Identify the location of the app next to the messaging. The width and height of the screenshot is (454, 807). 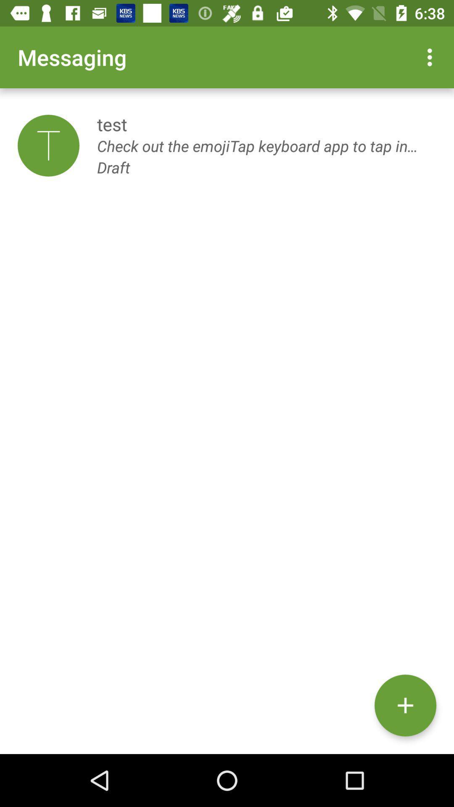
(432, 57).